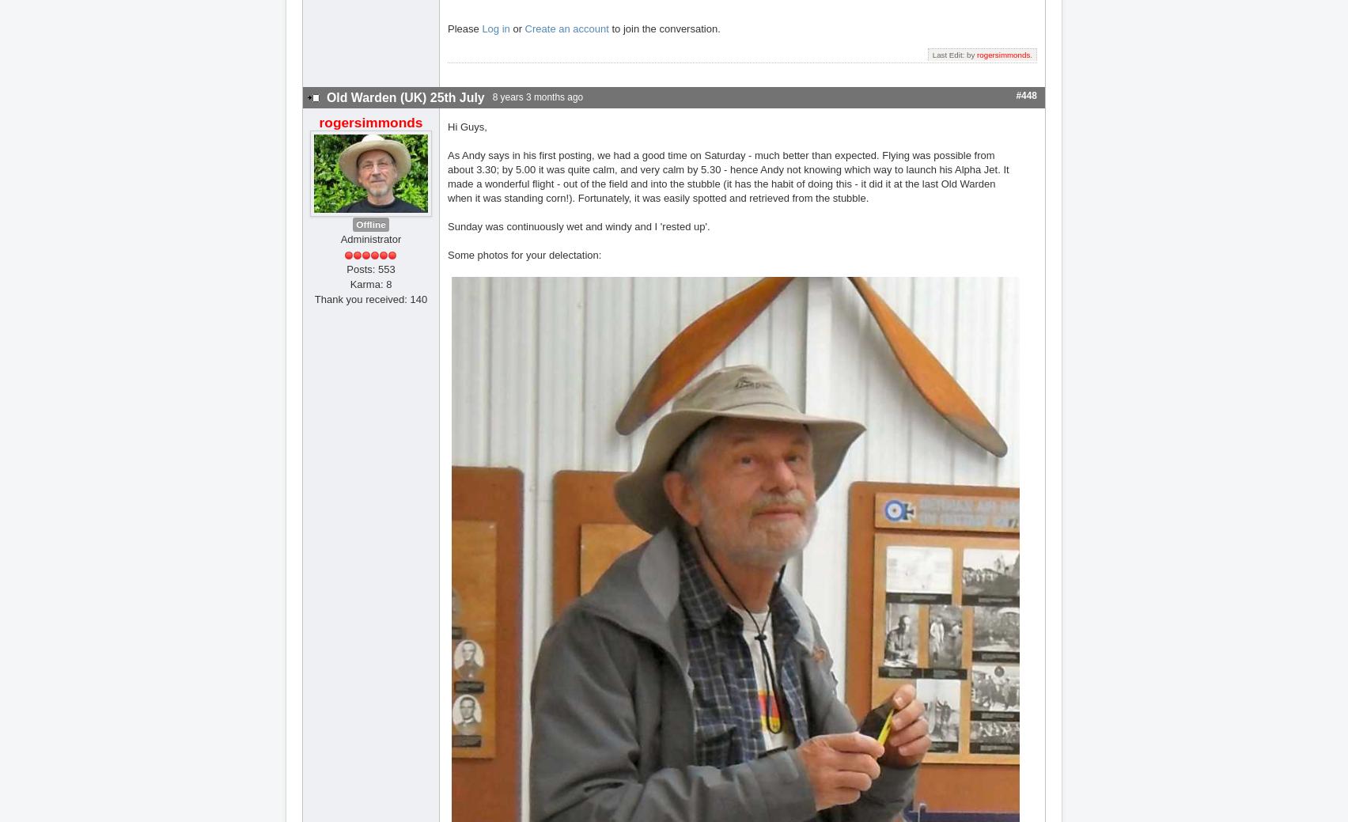  I want to click on 'to join the conversation.', so click(663, 27).